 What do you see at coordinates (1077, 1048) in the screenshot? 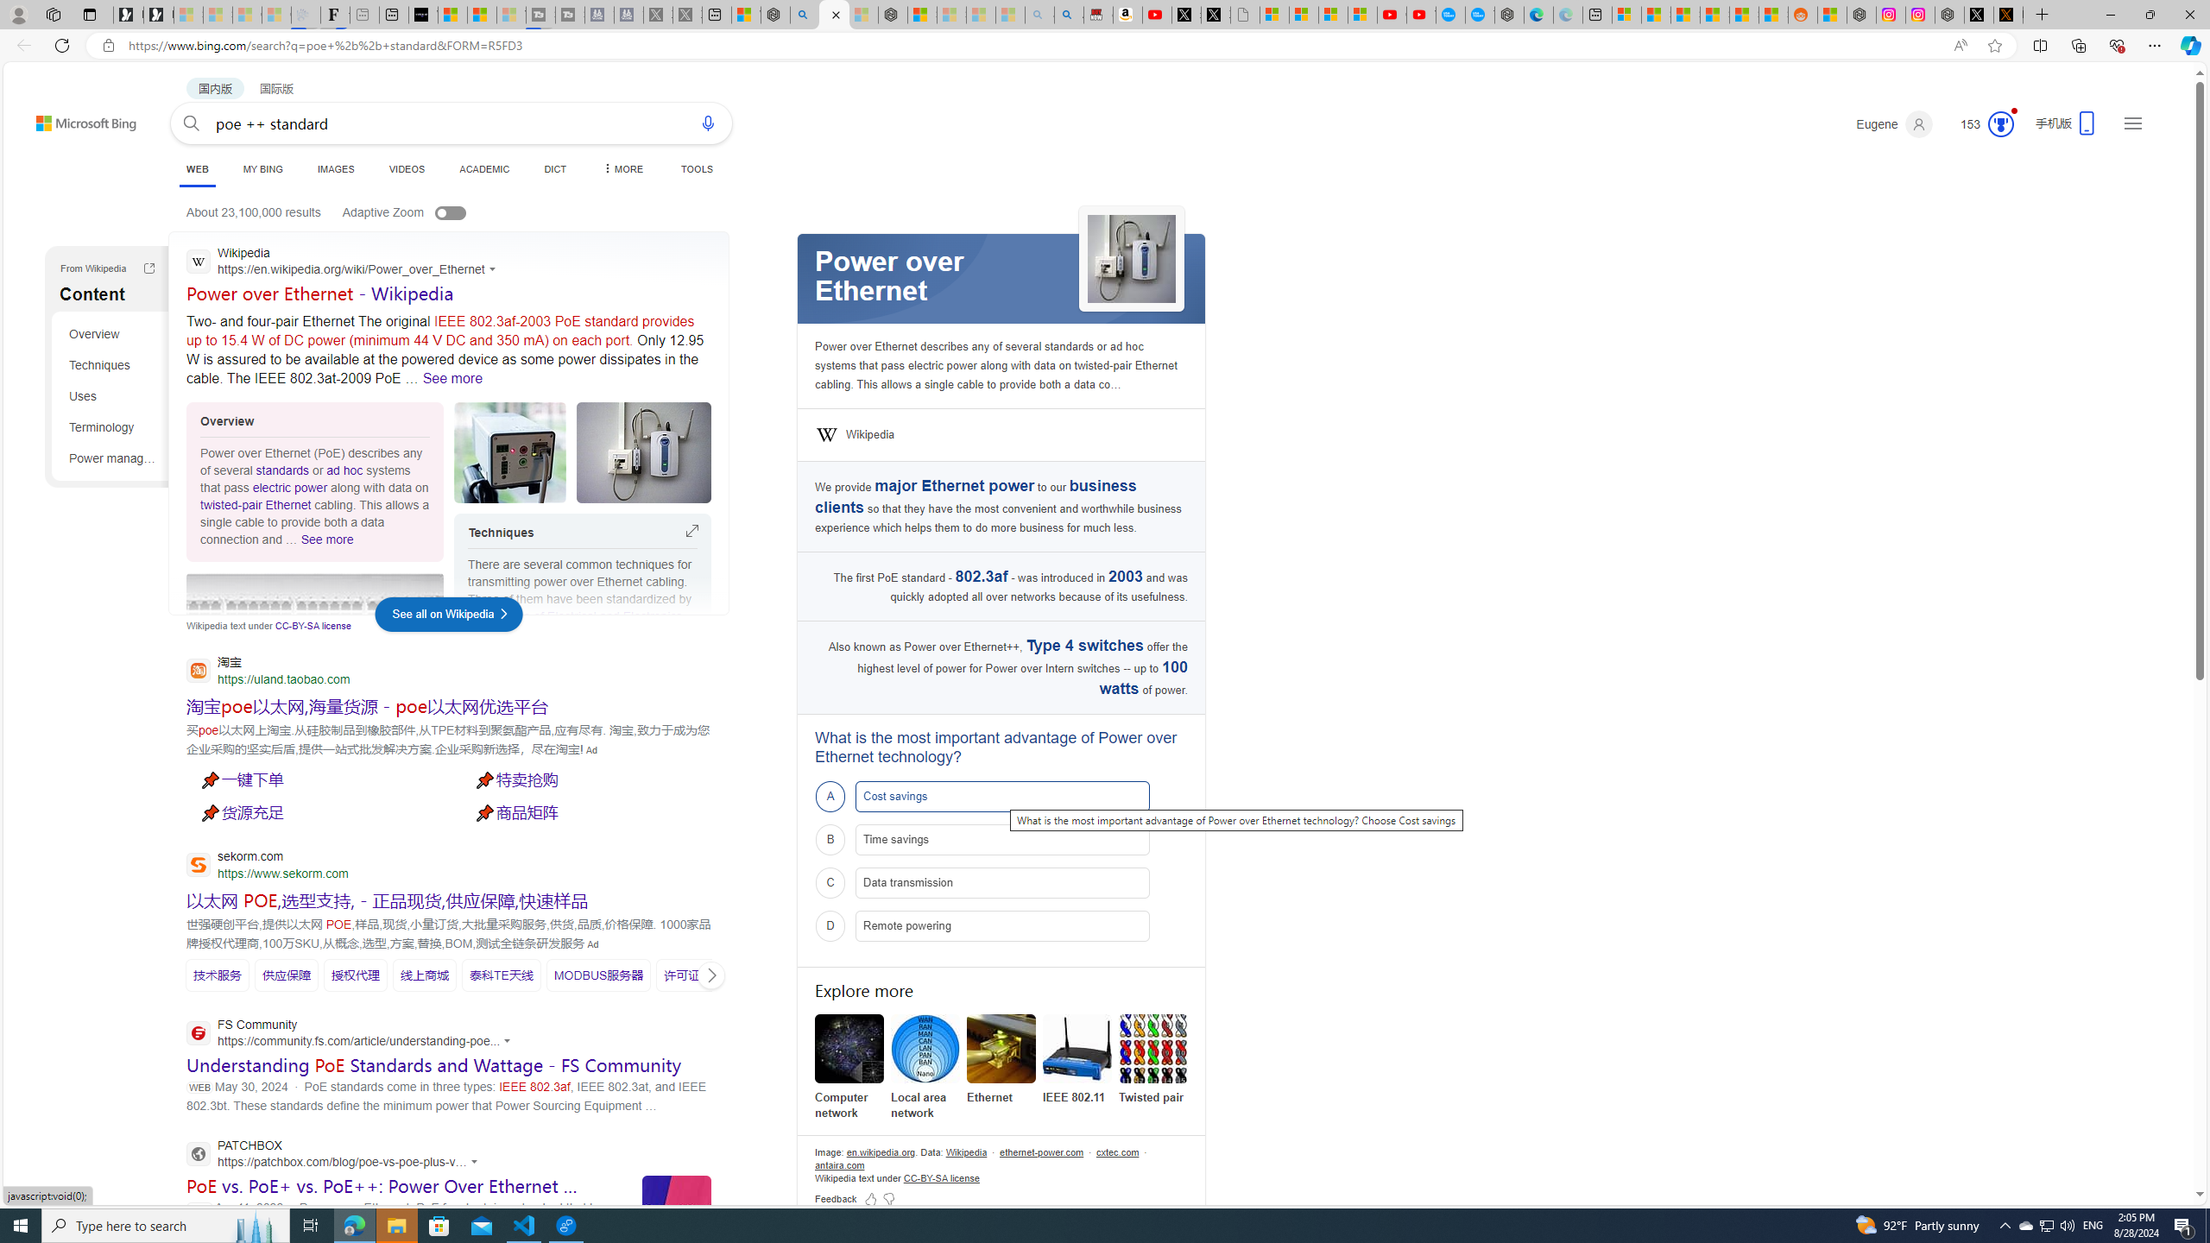
I see `'IEEE 802.11'` at bounding box center [1077, 1048].